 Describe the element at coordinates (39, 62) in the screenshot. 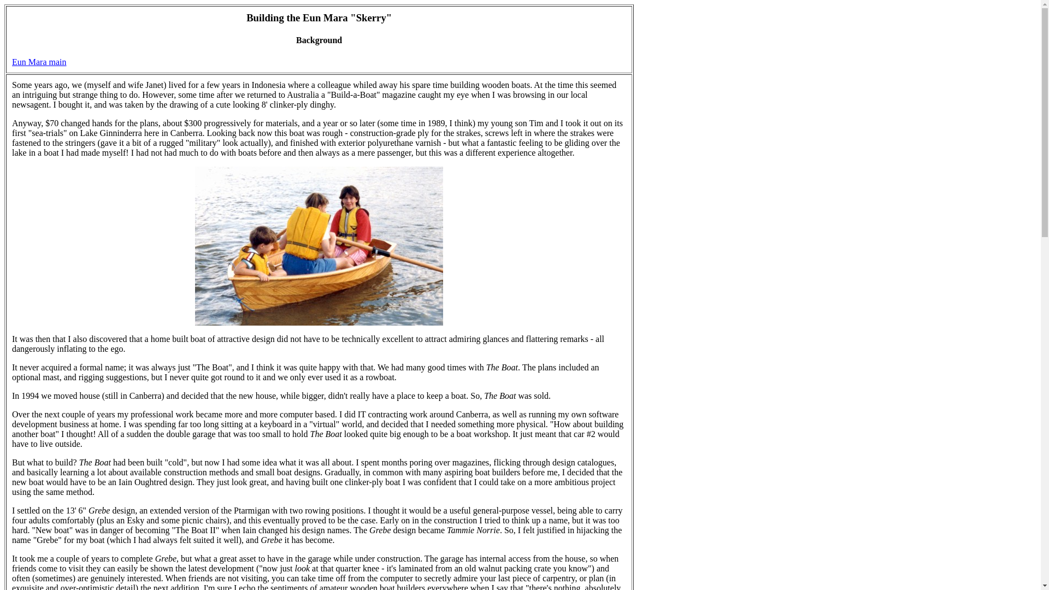

I see `'Eun Mara main'` at that location.